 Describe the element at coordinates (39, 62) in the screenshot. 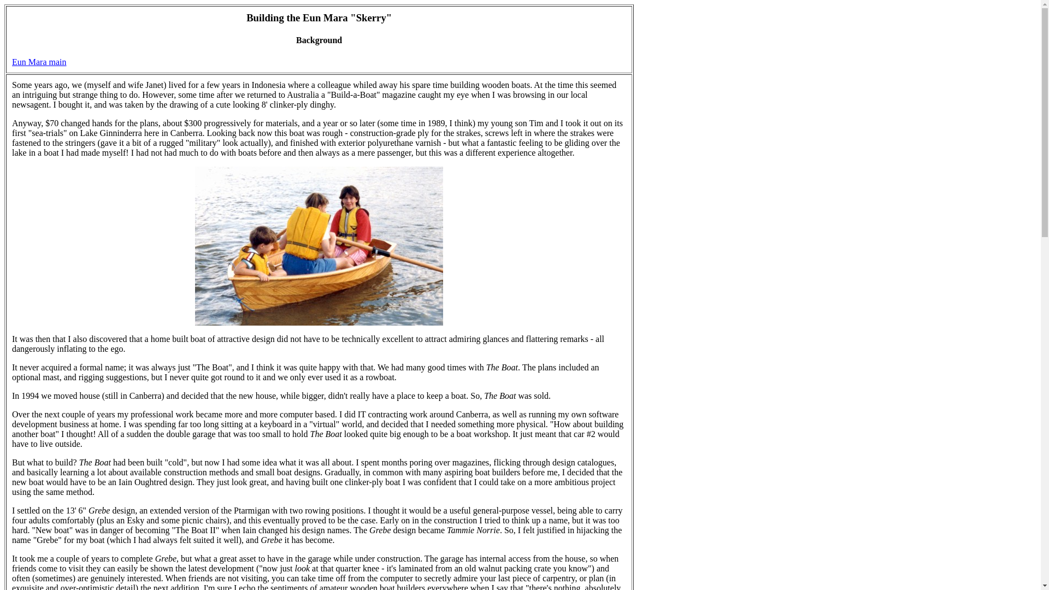

I see `'Eun Mara main'` at that location.